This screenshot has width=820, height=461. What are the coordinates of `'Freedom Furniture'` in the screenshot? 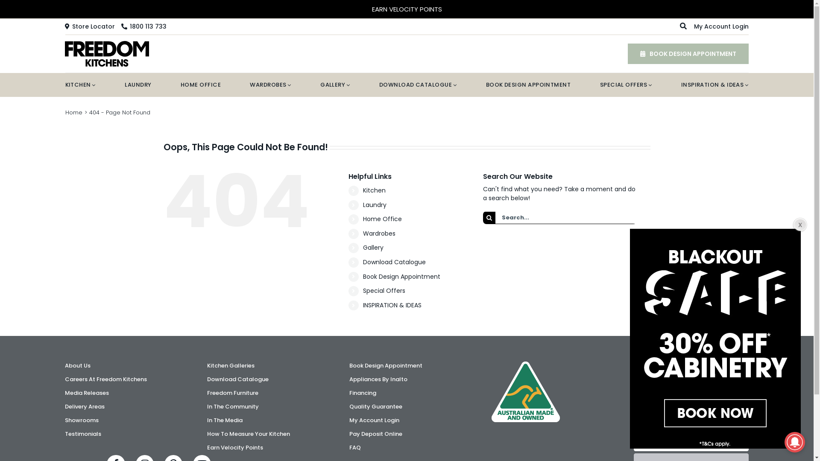 It's located at (264, 393).